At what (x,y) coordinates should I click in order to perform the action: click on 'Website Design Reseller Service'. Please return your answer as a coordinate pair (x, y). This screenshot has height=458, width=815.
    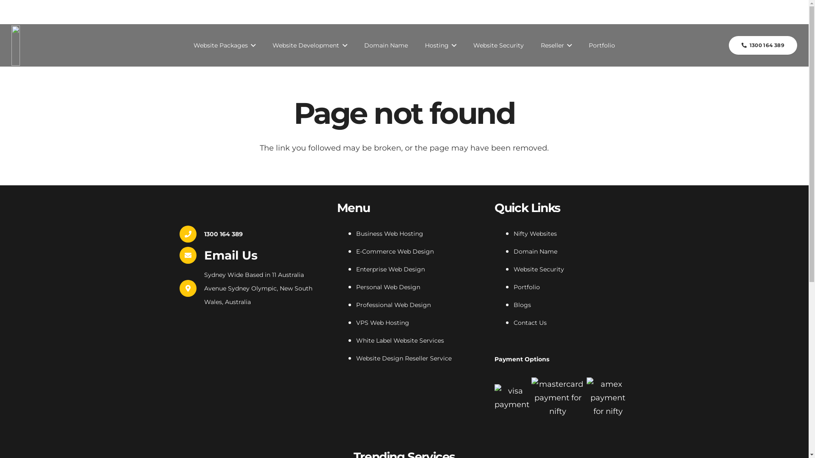
    Looking at the image, I should click on (356, 358).